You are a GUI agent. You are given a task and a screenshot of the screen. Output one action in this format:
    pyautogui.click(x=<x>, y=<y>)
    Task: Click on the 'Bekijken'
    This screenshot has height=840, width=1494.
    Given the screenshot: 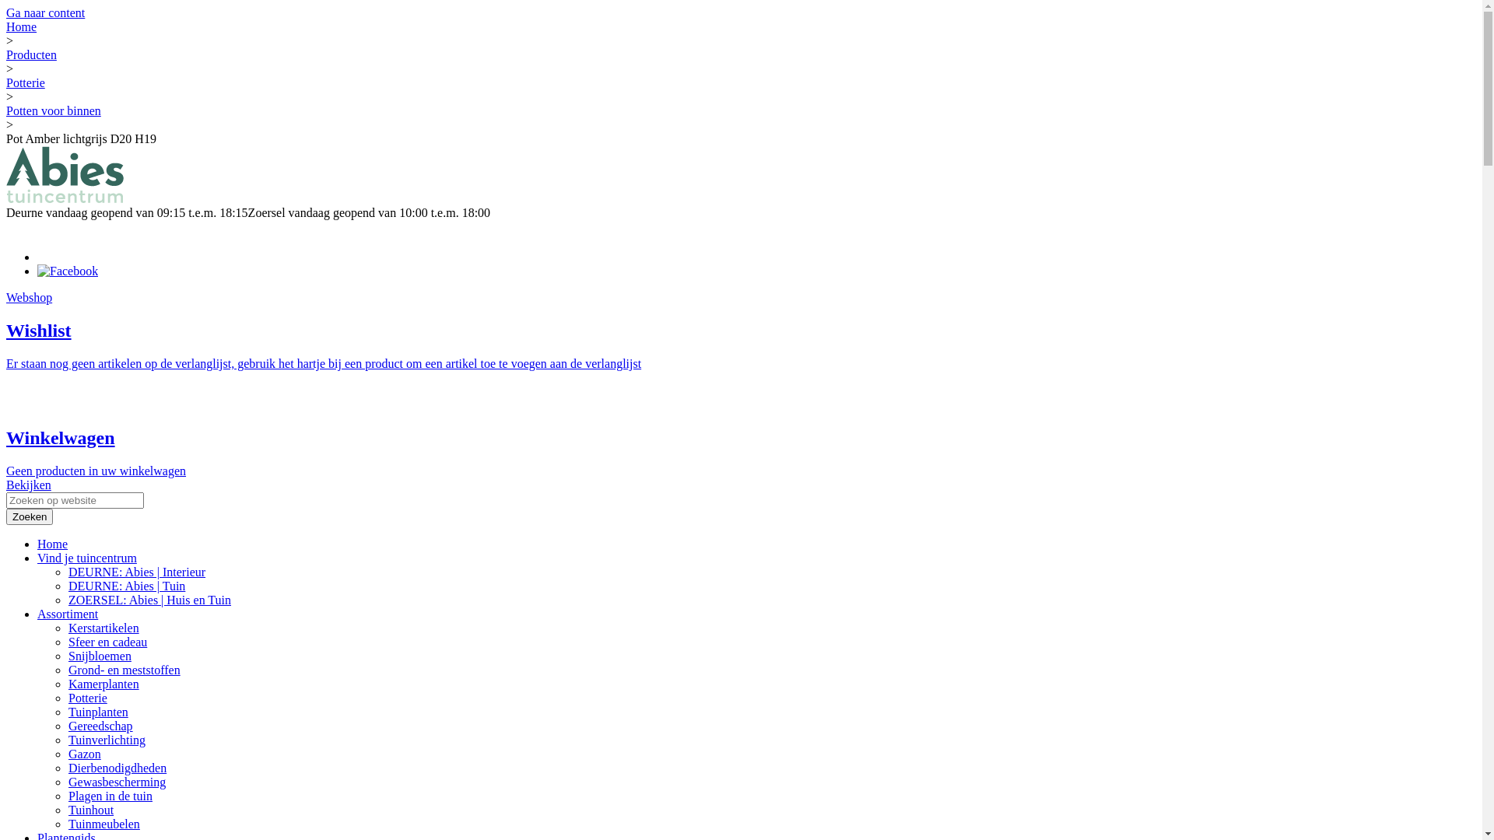 What is the action you would take?
    pyautogui.click(x=29, y=484)
    